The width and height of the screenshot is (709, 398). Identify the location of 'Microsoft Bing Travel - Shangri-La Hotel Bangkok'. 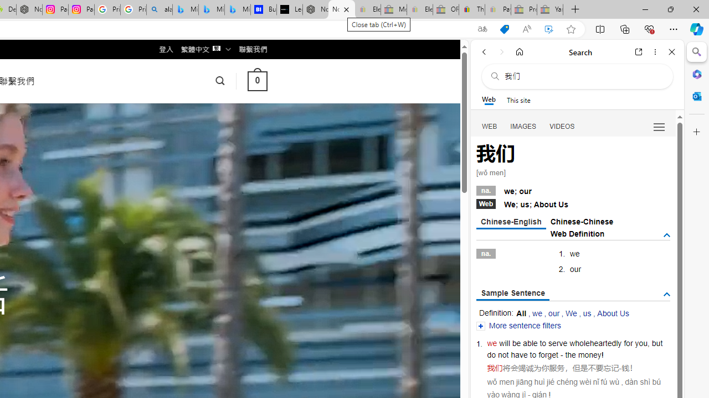
(237, 9).